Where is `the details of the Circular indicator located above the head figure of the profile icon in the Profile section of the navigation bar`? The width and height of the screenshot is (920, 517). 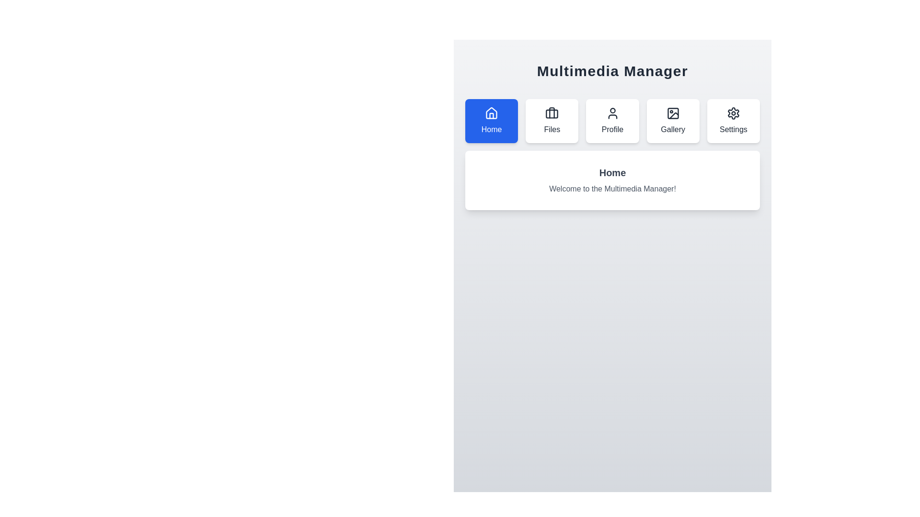
the details of the Circular indicator located above the head figure of the profile icon in the Profile section of the navigation bar is located at coordinates (612, 110).